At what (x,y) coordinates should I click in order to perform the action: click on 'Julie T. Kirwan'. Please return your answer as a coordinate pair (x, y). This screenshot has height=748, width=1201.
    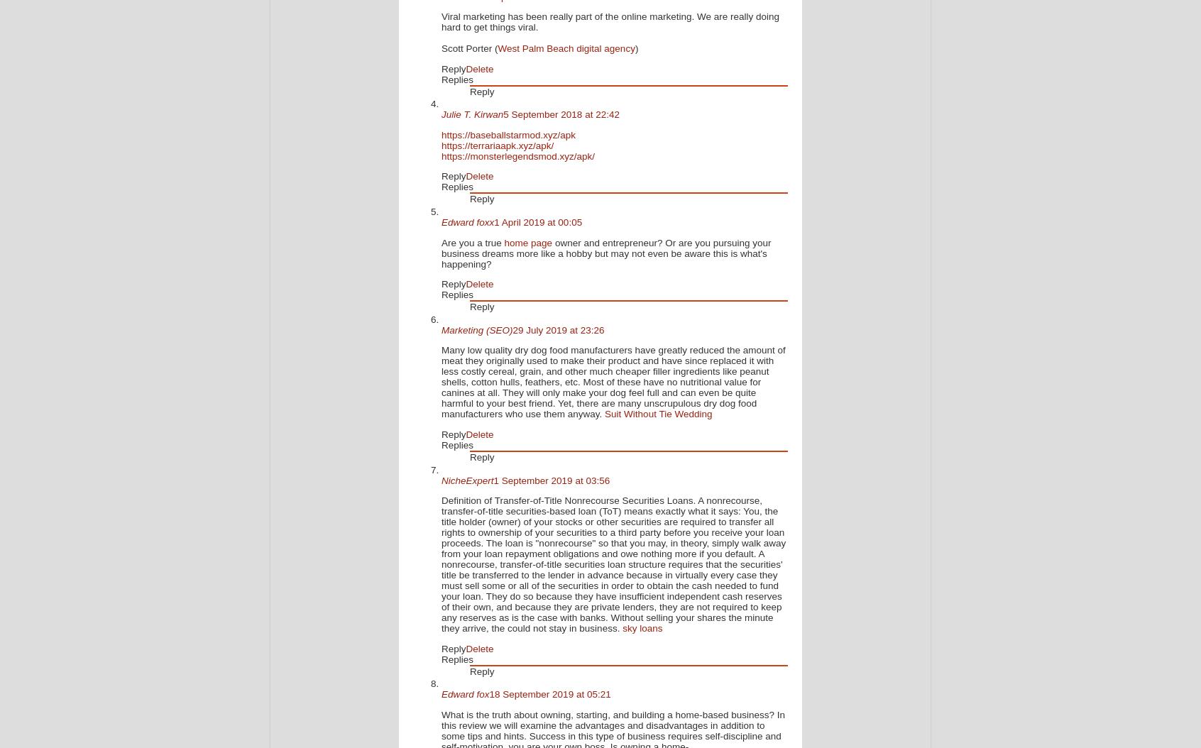
    Looking at the image, I should click on (472, 114).